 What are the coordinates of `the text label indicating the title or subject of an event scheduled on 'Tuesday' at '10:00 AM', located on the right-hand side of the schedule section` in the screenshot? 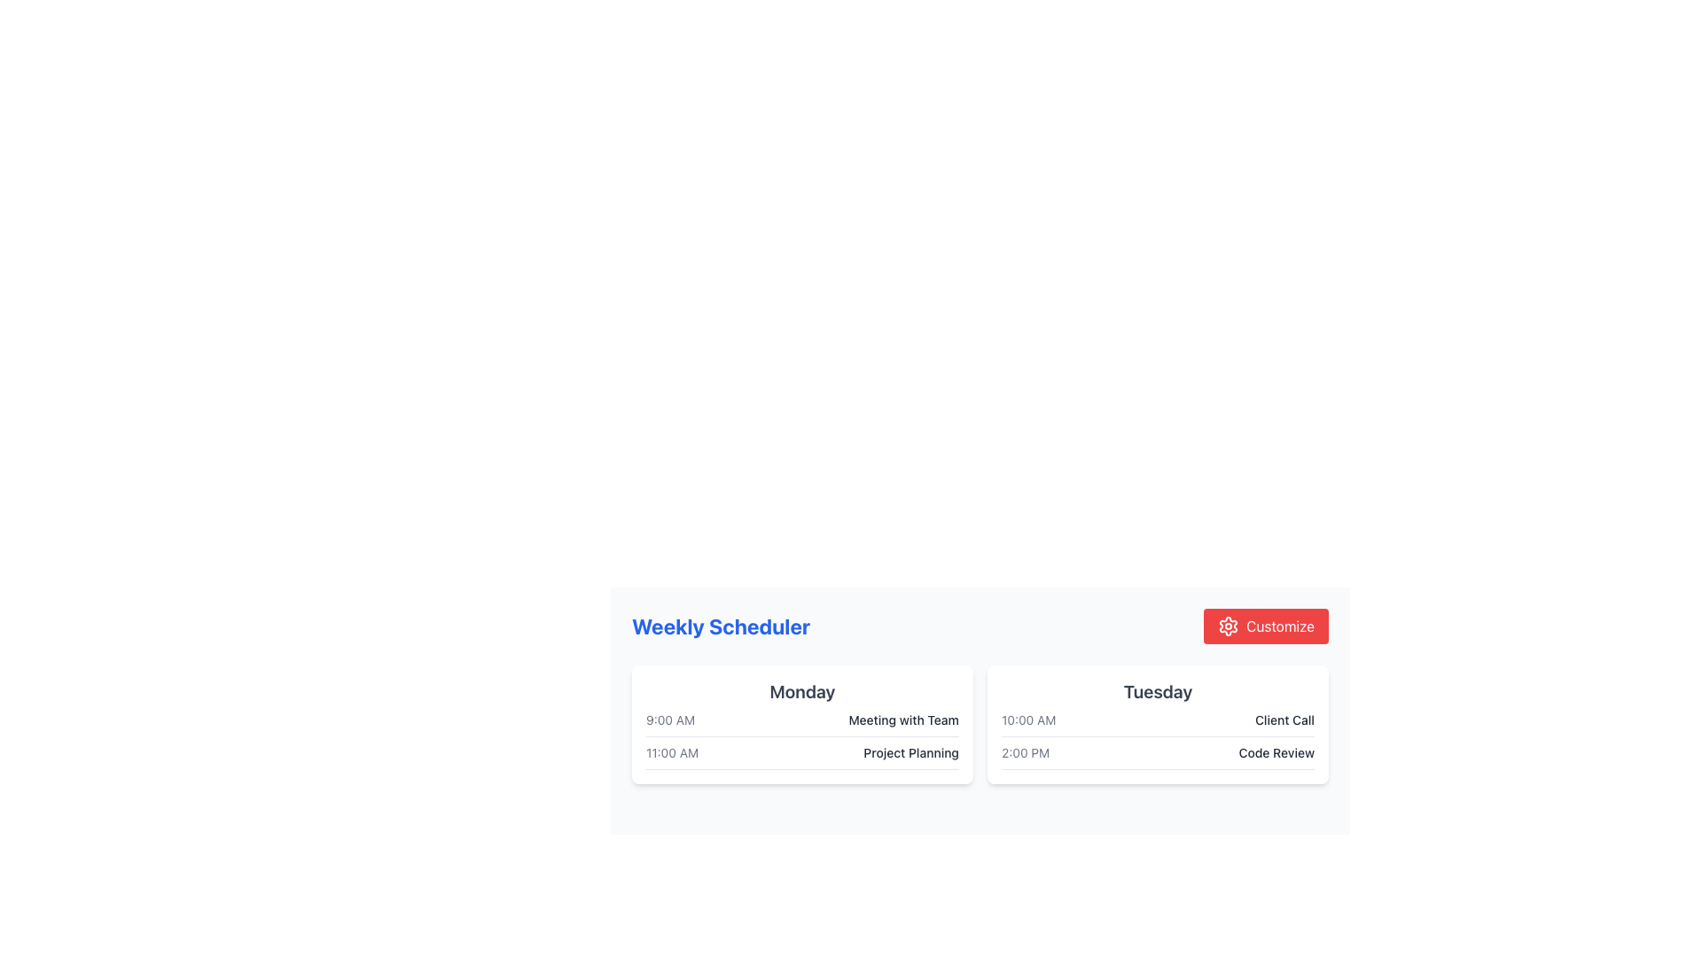 It's located at (1284, 720).